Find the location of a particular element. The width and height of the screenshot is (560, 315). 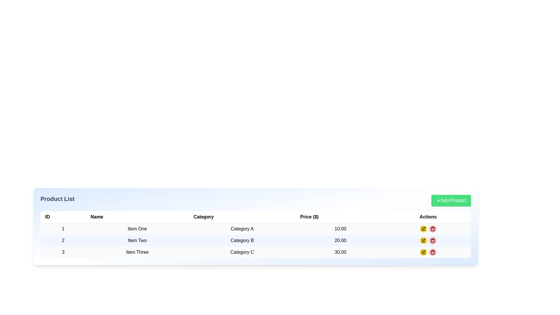

the edit icon button located in the 'Actions' column of the table for 'Item Two' to initiate the edit action is located at coordinates (423, 241).